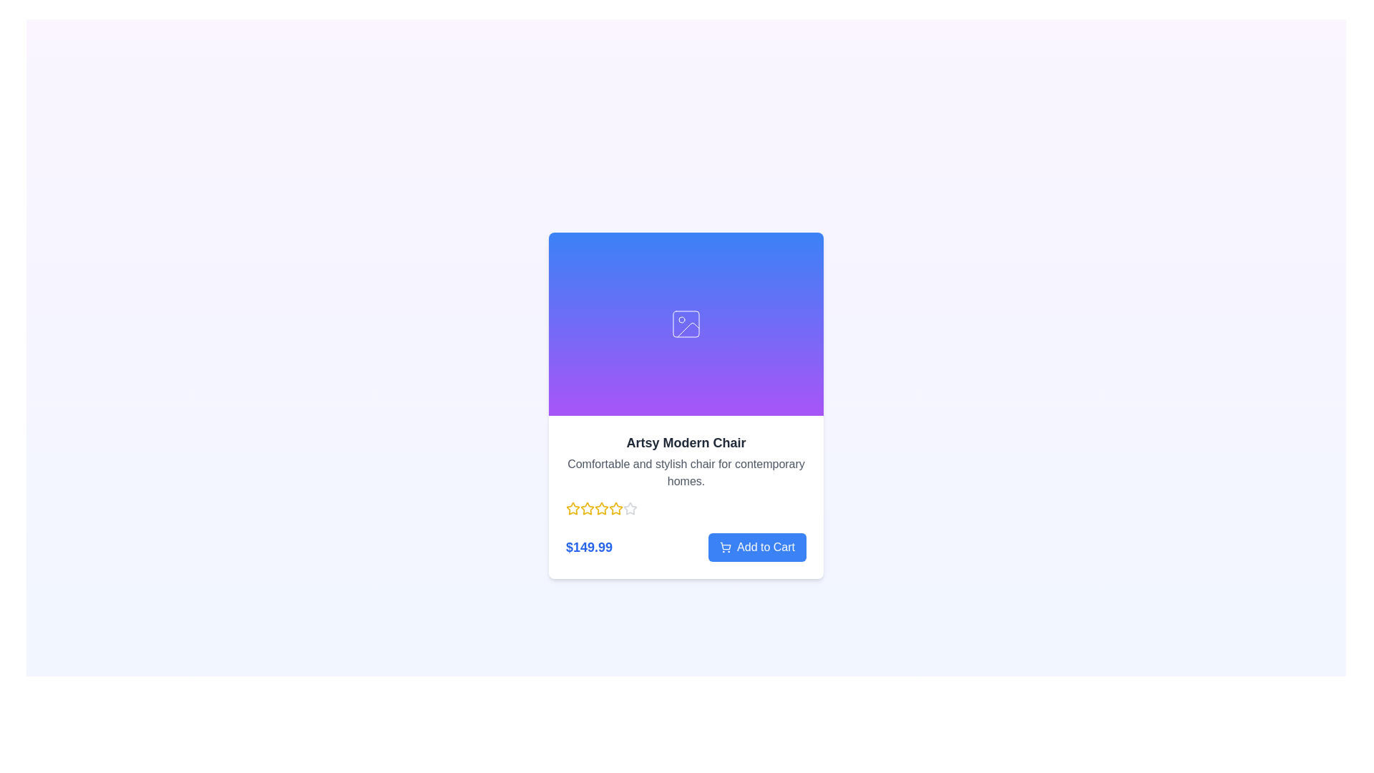  What do you see at coordinates (629, 507) in the screenshot?
I see `the third hollow star-shaped icon in the rating section below the product description to set a rating` at bounding box center [629, 507].